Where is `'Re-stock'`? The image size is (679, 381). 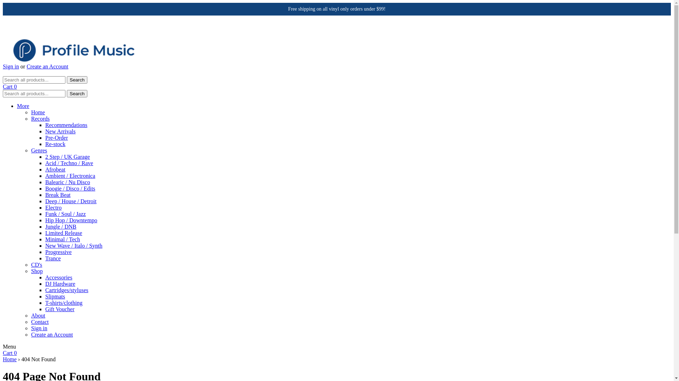 'Re-stock' is located at coordinates (45, 144).